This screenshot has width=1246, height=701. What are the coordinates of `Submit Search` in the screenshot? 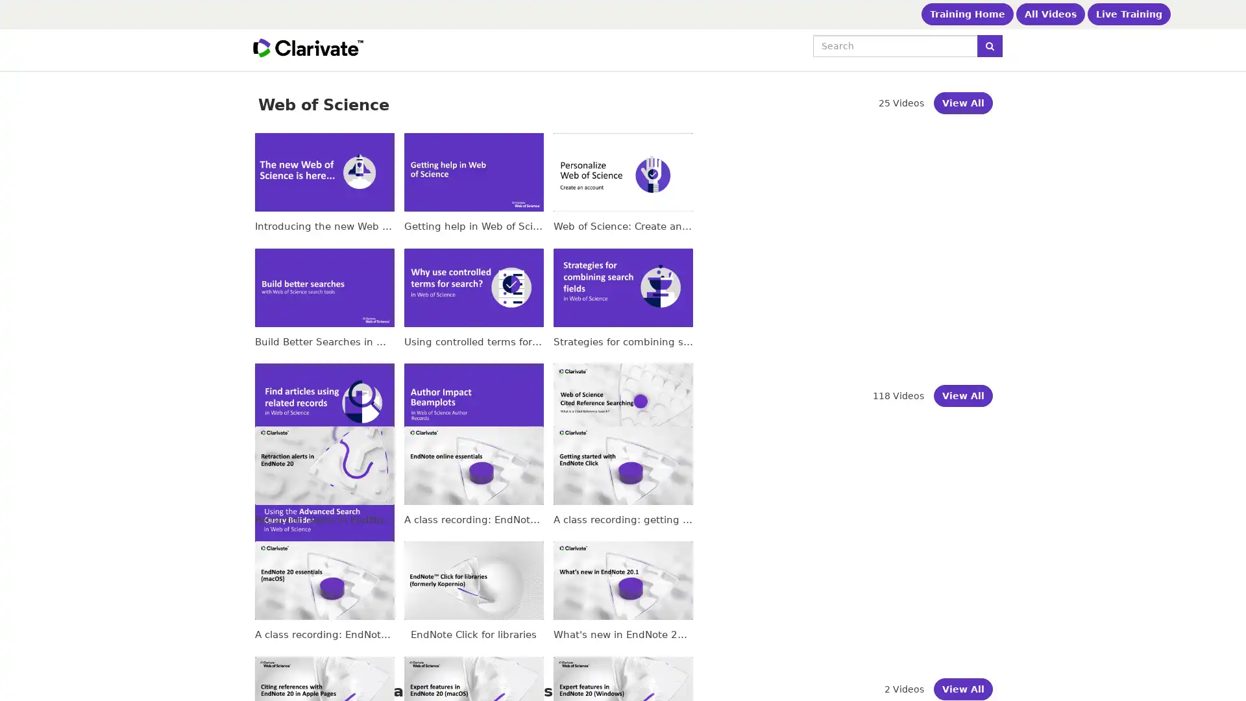 It's located at (989, 45).